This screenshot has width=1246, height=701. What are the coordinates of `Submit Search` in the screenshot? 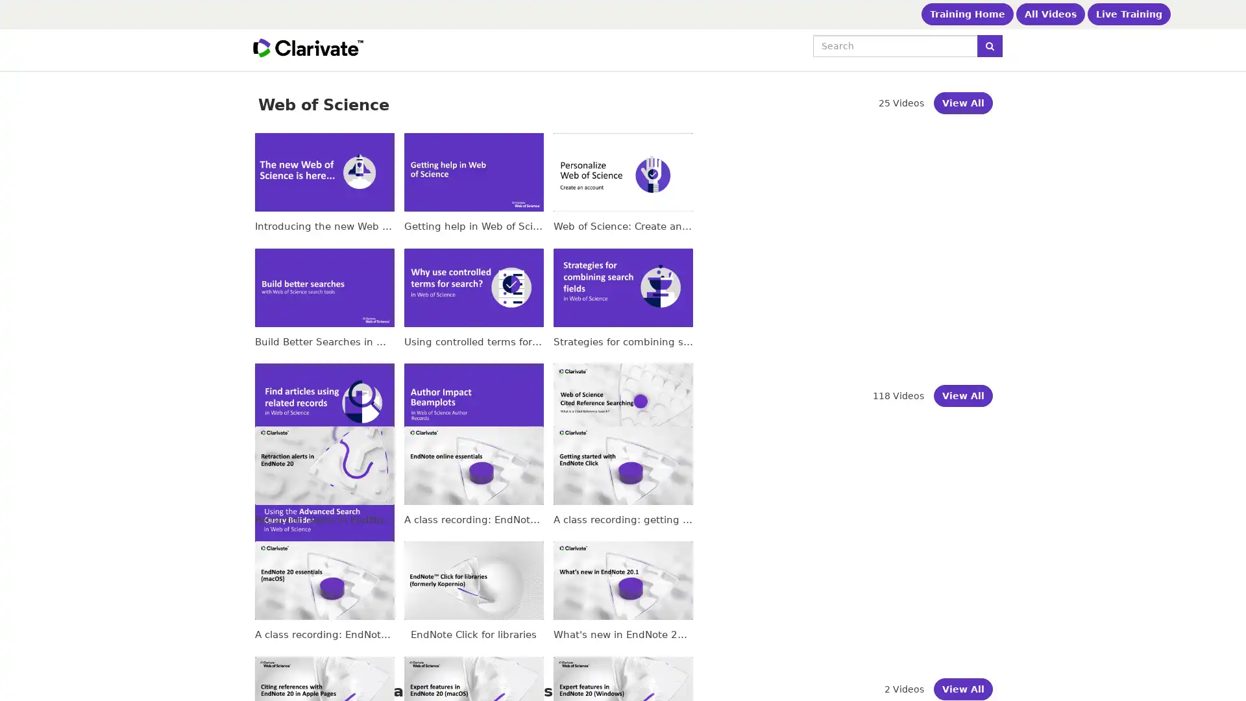 It's located at (989, 45).